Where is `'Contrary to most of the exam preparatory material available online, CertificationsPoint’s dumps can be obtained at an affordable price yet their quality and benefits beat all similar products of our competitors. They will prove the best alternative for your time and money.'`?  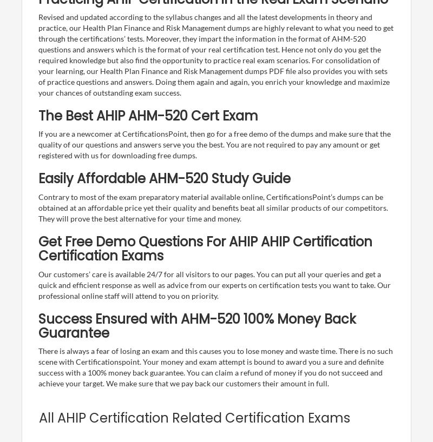 'Contrary to most of the exam preparatory material available online, CertificationsPoint’s dumps can be obtained at an affordable price yet their quality and benefits beat all similar products of our competitors. They will prove the best alternative for your time and money.' is located at coordinates (38, 207).